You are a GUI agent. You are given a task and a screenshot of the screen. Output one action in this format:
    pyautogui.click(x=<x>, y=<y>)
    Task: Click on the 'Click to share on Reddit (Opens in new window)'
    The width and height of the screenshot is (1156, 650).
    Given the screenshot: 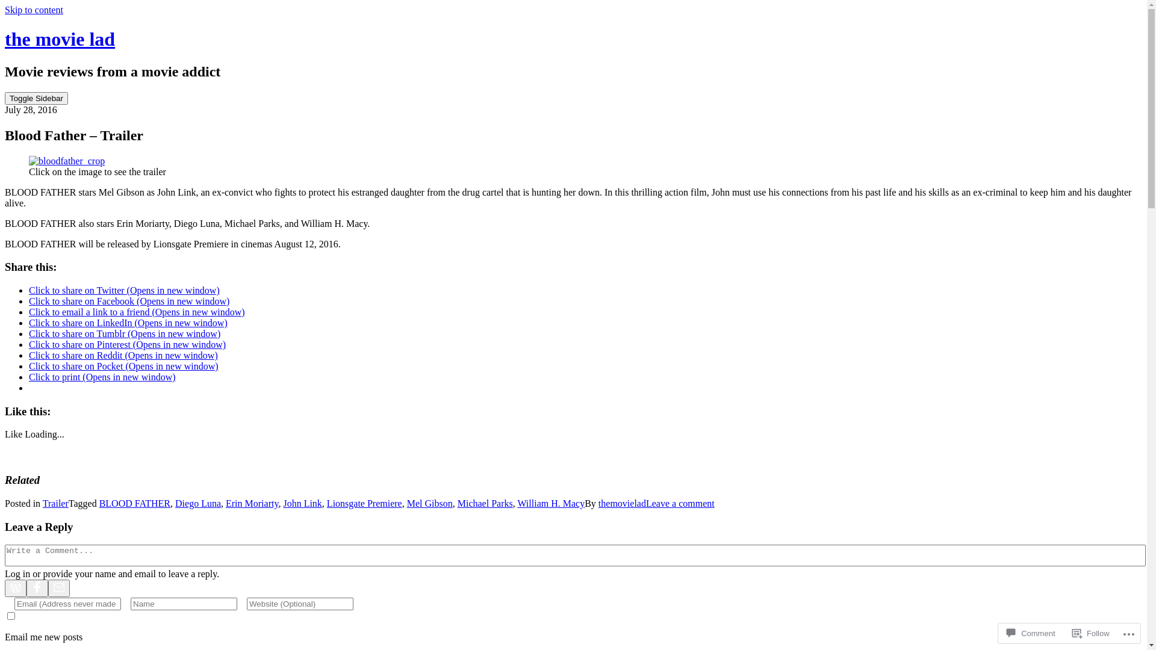 What is the action you would take?
    pyautogui.click(x=123, y=354)
    